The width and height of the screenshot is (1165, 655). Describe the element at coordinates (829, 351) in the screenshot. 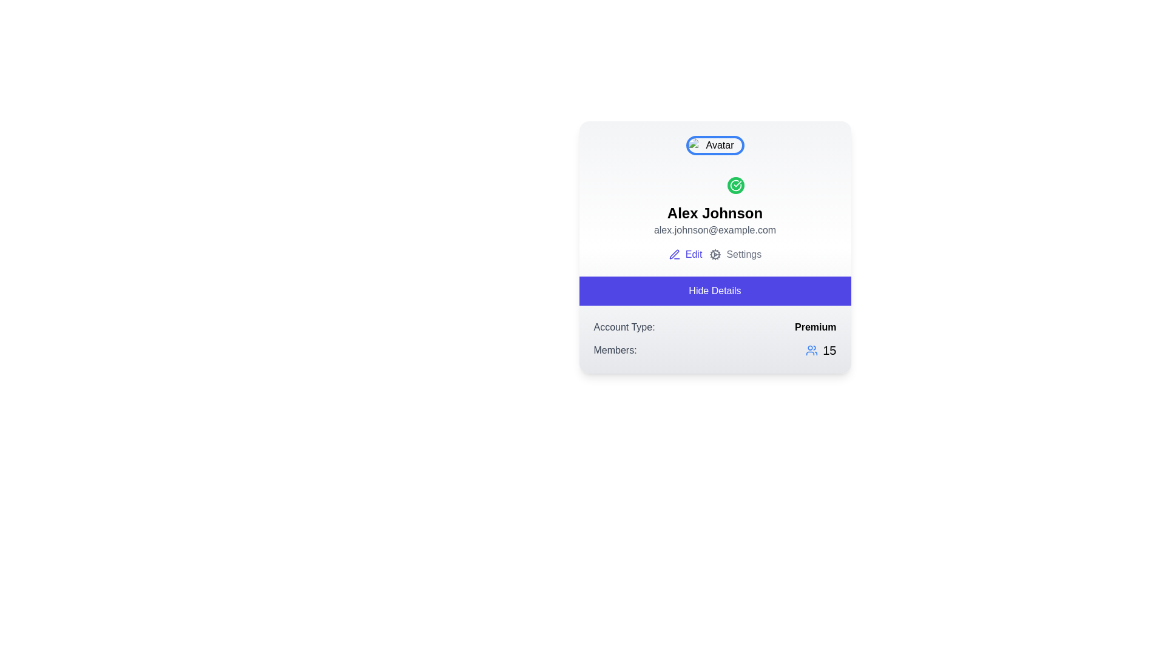

I see `the text label indicating the total number of members associated with the user profile, located at the bottom-right corner of the user card interface, next to the users icon` at that location.